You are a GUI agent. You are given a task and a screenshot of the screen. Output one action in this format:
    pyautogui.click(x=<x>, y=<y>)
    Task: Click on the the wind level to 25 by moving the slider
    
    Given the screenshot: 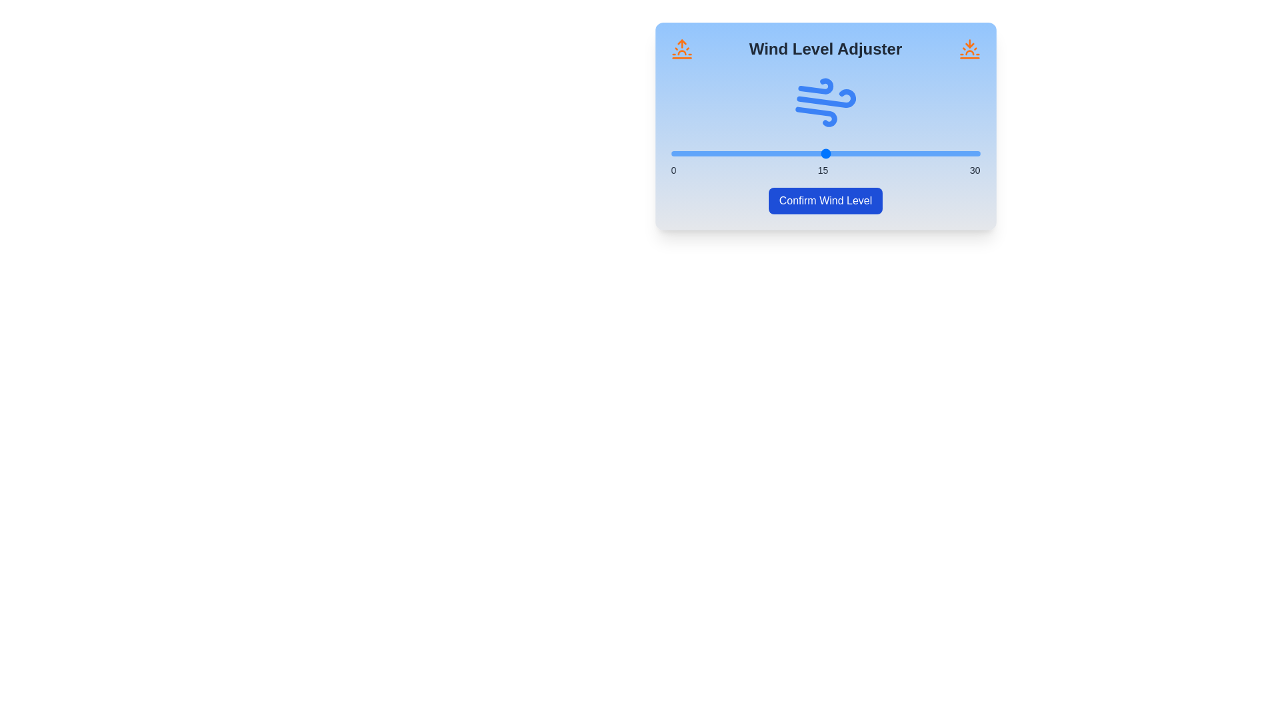 What is the action you would take?
    pyautogui.click(x=928, y=153)
    